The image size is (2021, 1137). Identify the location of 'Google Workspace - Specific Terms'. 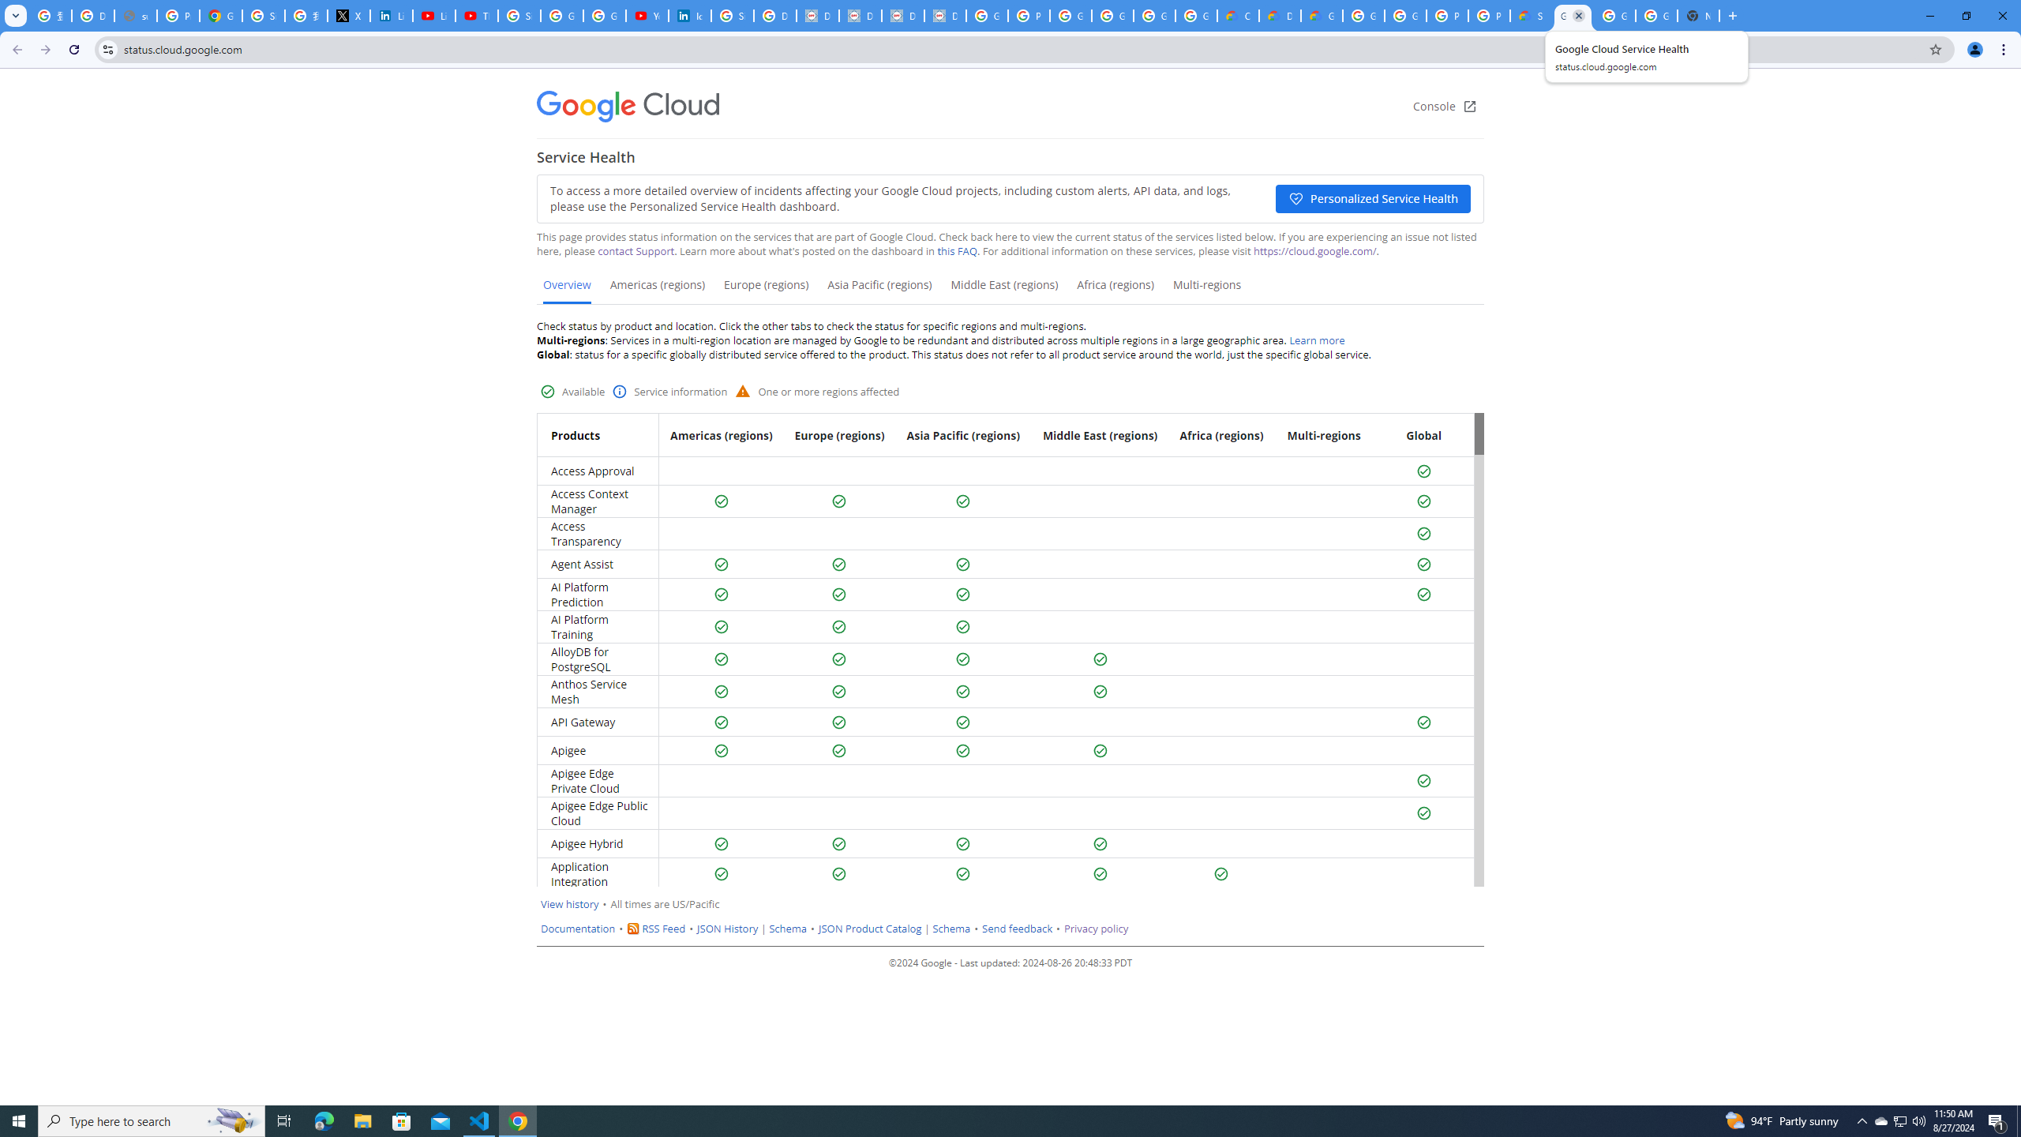
(1153, 15).